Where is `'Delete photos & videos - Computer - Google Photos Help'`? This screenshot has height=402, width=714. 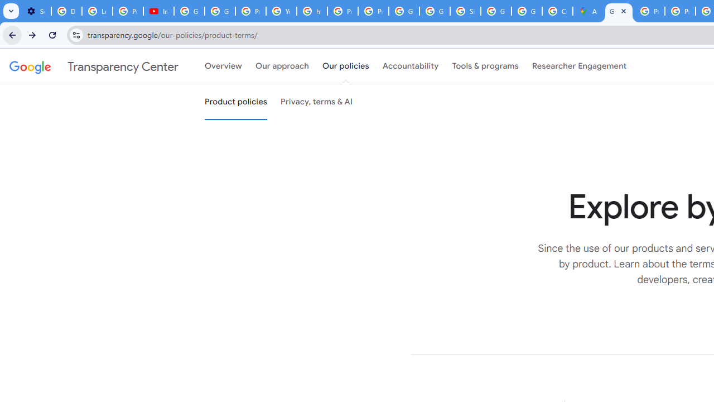 'Delete photos & videos - Computer - Google Photos Help' is located at coordinates (66, 11).